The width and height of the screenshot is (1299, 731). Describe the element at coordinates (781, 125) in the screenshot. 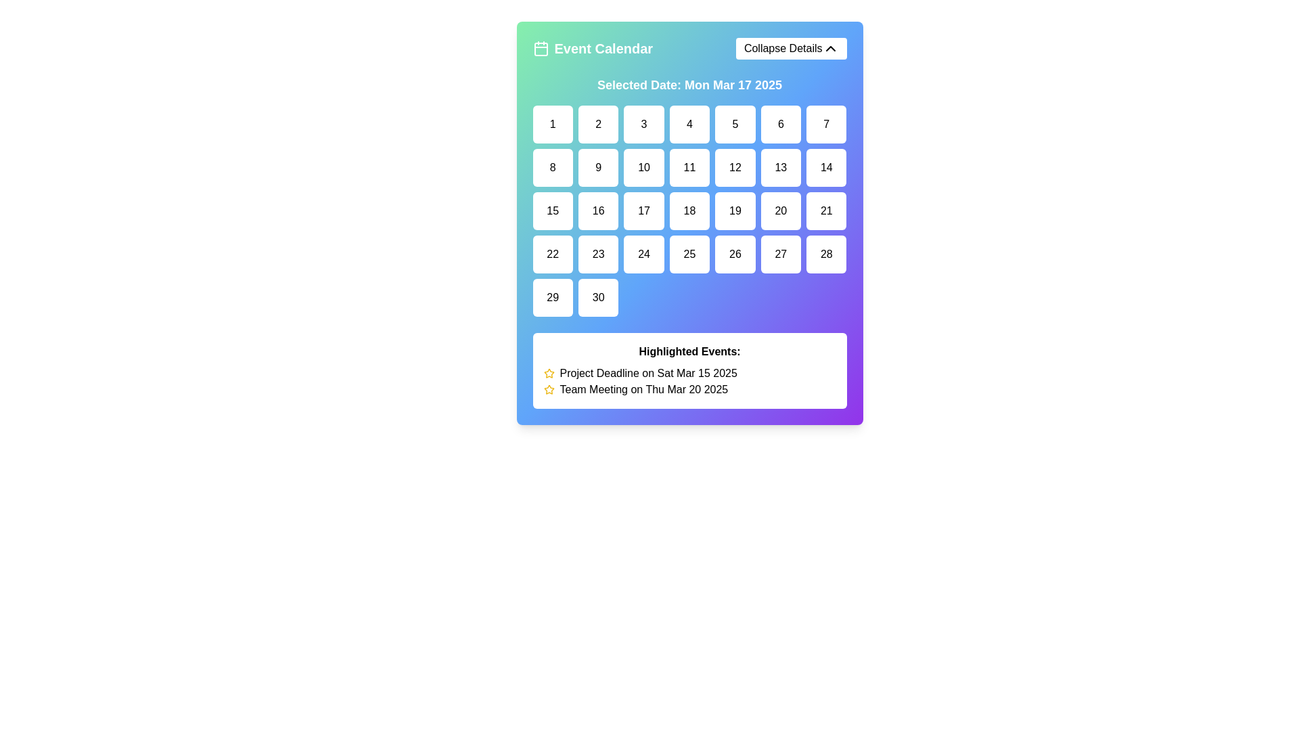

I see `the square button labeled '6' with a white background and rounded corners, located in the top row of a grid layout` at that location.